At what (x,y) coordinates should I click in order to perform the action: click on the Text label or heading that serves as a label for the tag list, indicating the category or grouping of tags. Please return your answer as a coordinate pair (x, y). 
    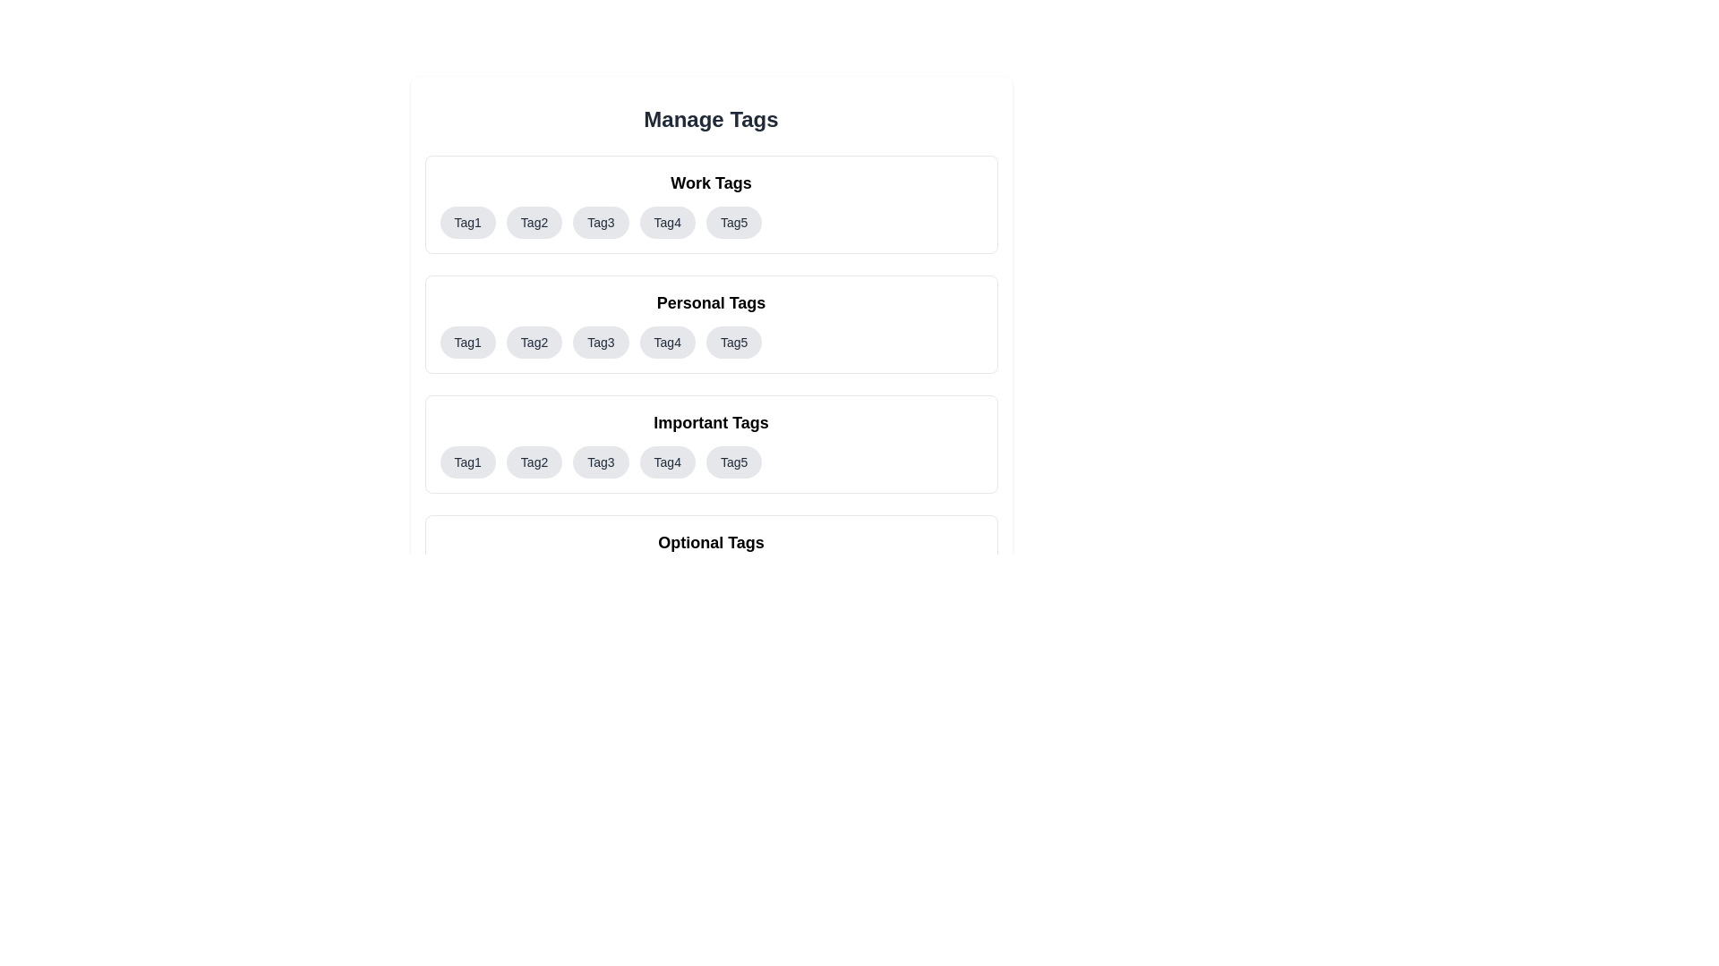
    Looking at the image, I should click on (710, 423).